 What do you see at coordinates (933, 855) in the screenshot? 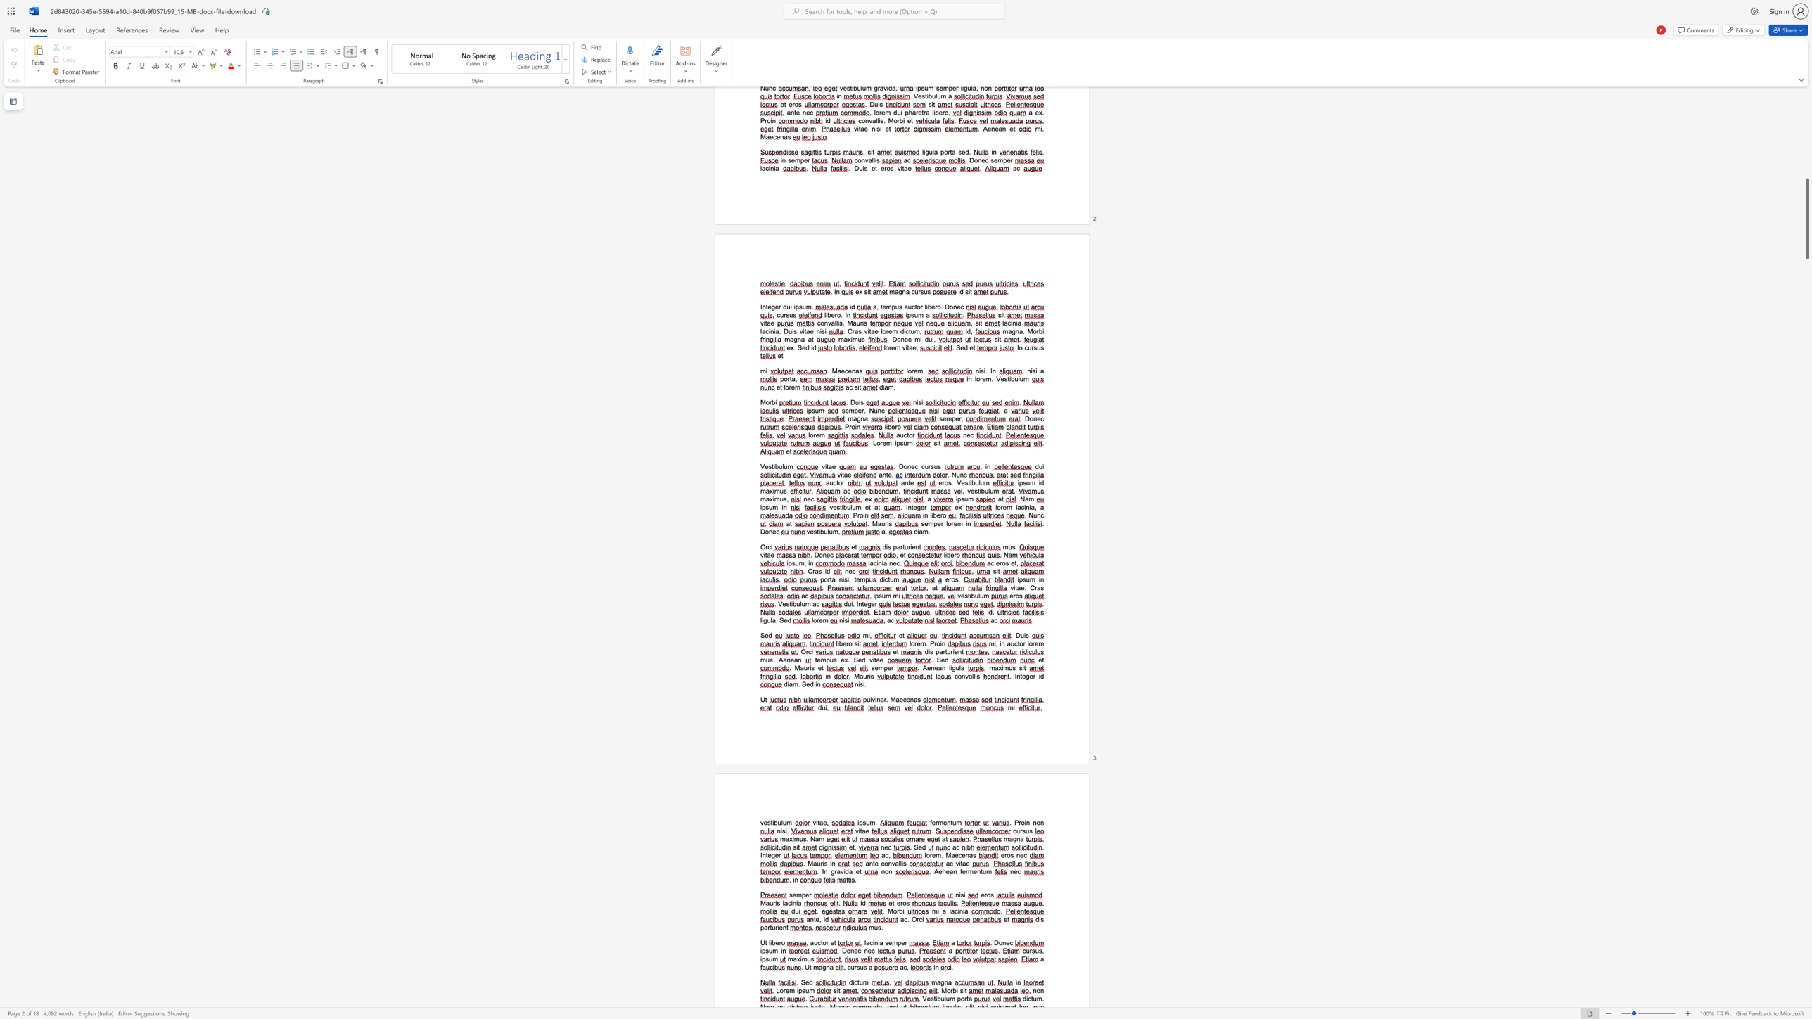
I see `the 1th character "e" in the text` at bounding box center [933, 855].